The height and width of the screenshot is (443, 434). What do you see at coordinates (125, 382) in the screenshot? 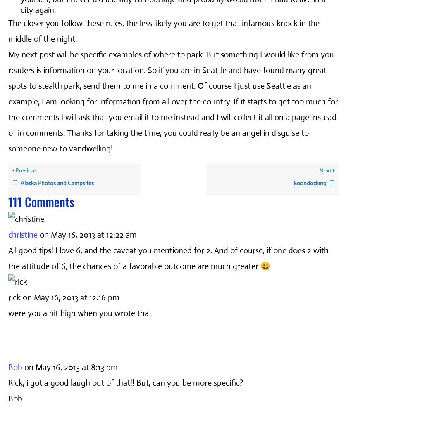
I see `'Rick, i got a good laugh out of that!! But, can you be more specific?'` at bounding box center [125, 382].